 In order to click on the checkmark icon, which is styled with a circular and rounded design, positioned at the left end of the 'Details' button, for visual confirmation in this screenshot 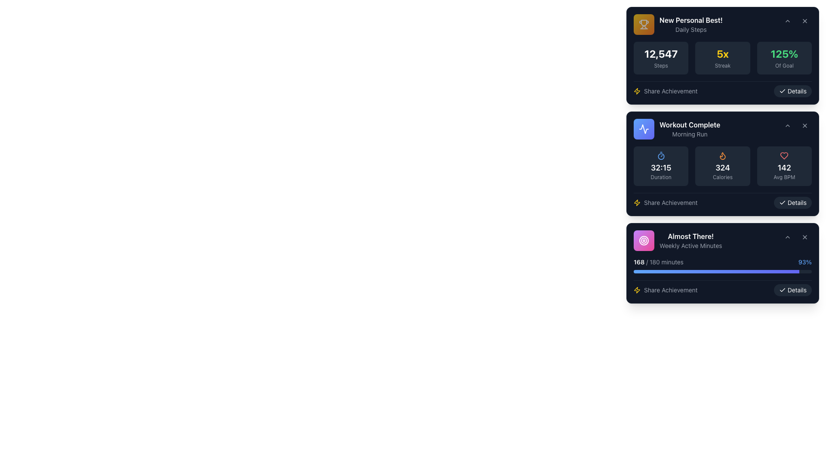, I will do `click(782, 91)`.